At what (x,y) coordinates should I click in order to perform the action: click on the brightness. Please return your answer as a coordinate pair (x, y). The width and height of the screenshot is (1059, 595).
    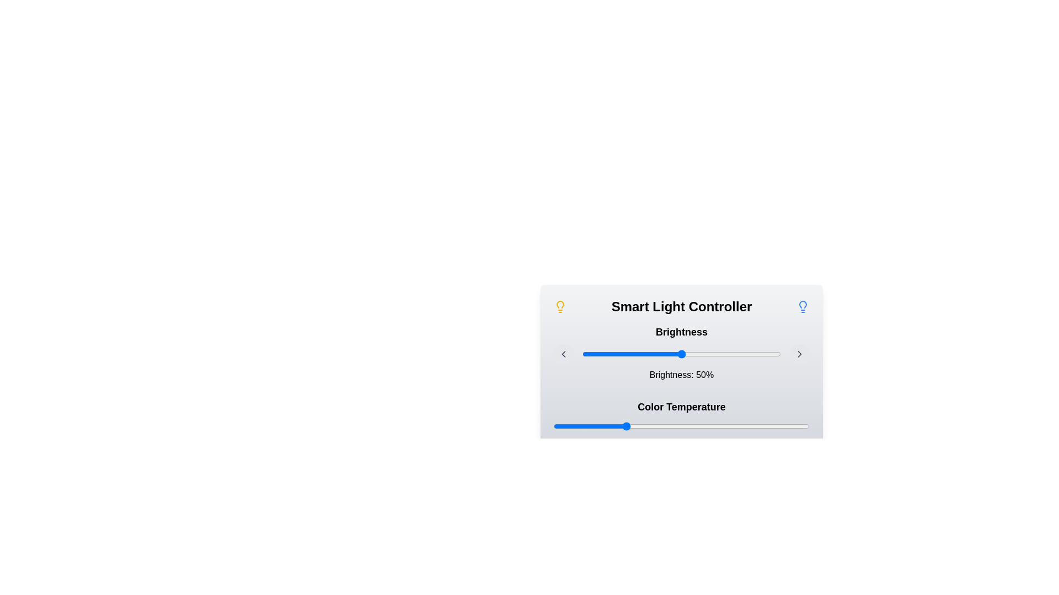
    Looking at the image, I should click on (597, 354).